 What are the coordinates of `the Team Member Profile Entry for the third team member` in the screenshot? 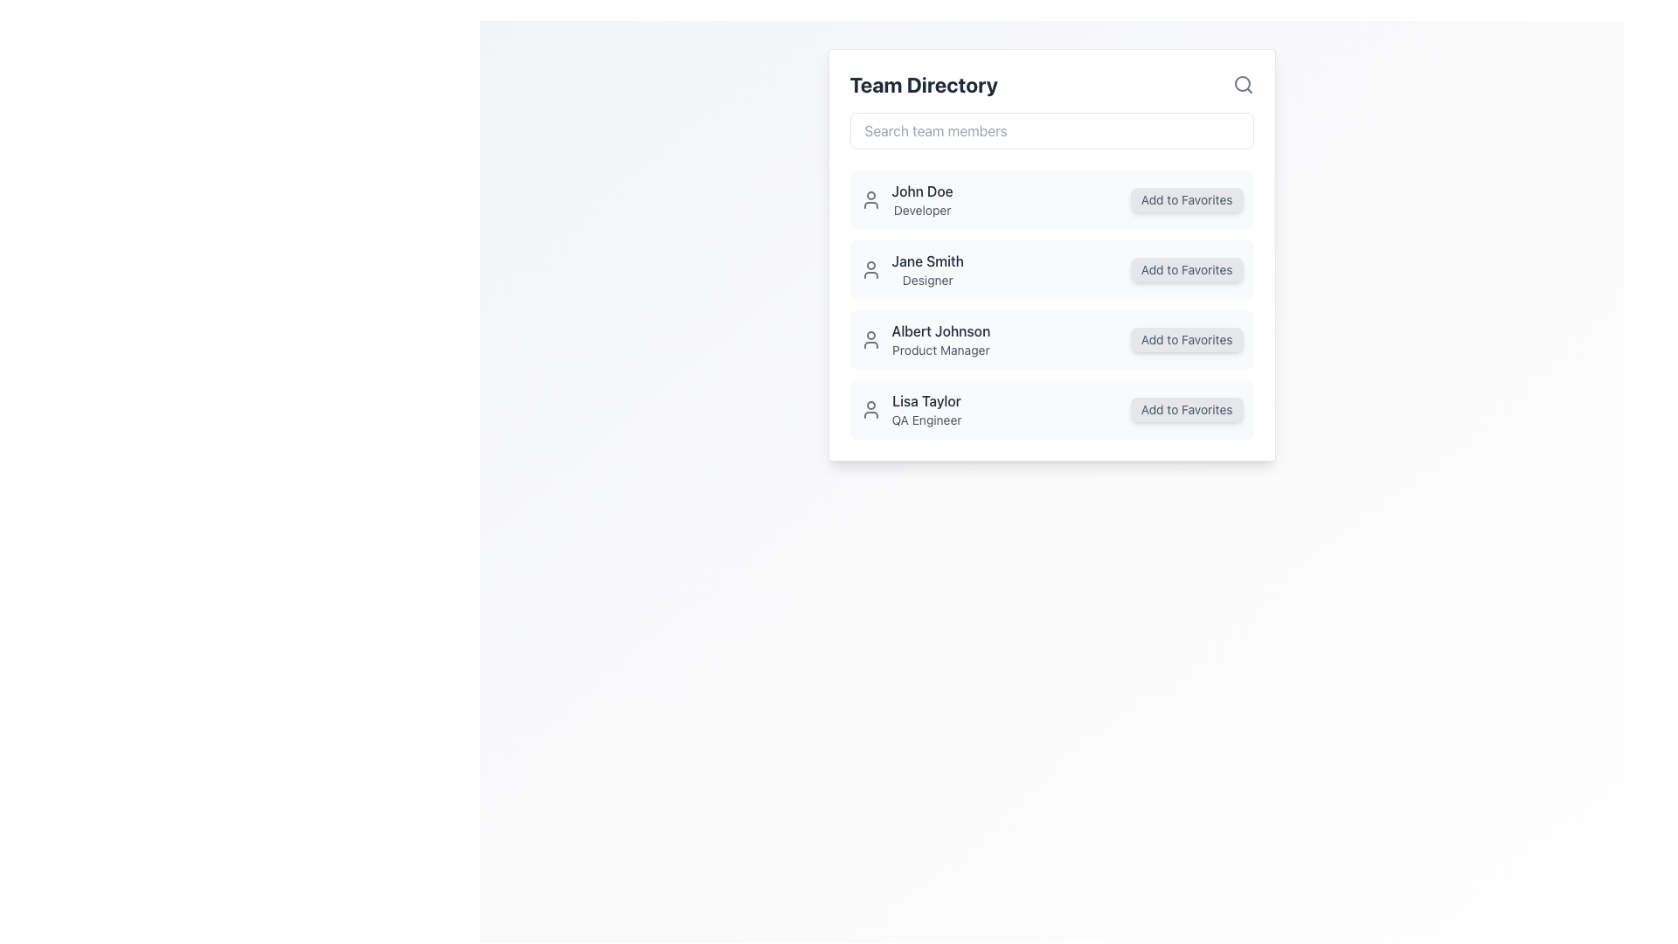 It's located at (924, 340).